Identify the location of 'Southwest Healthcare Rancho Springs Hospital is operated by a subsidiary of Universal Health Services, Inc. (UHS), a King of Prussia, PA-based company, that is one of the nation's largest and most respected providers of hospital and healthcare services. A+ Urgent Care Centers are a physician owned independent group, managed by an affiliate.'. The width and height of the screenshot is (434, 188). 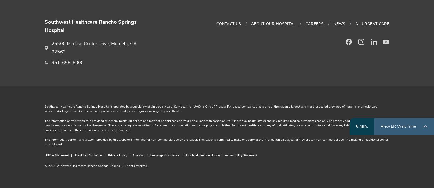
(211, 109).